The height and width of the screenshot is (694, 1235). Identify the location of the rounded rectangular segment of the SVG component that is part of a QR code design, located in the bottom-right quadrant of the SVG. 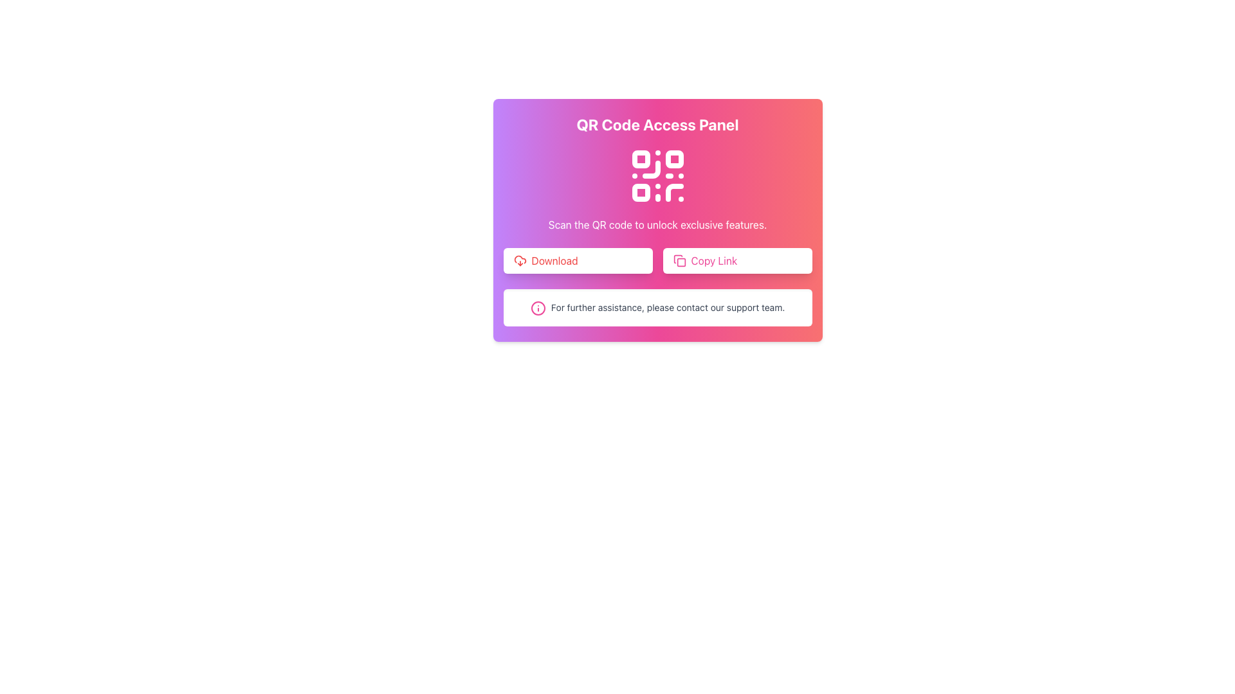
(673, 193).